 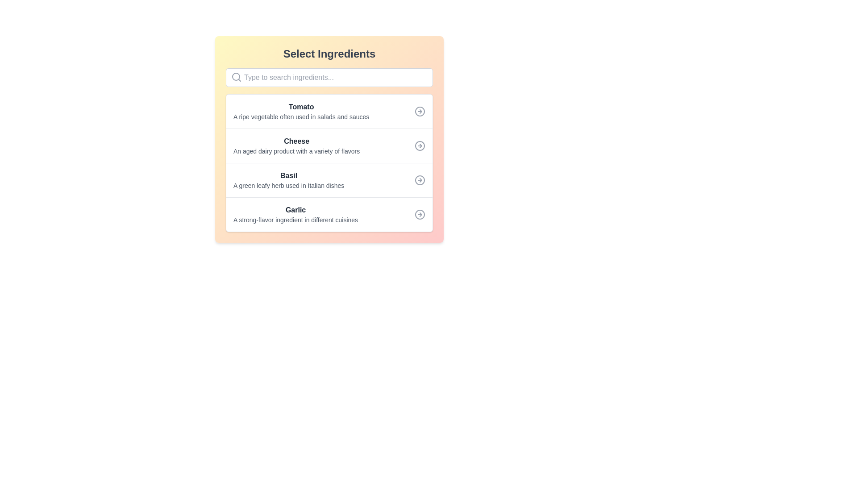 I want to click on the first ingredient text block located below the 'Select Ingredients' search bar, so click(x=301, y=111).